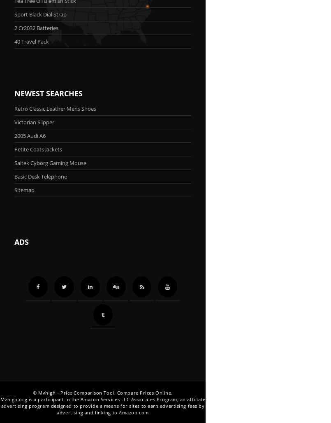 The image size is (331, 423). What do you see at coordinates (143, 392) in the screenshot?
I see `'. Compare Prices Online.'` at bounding box center [143, 392].